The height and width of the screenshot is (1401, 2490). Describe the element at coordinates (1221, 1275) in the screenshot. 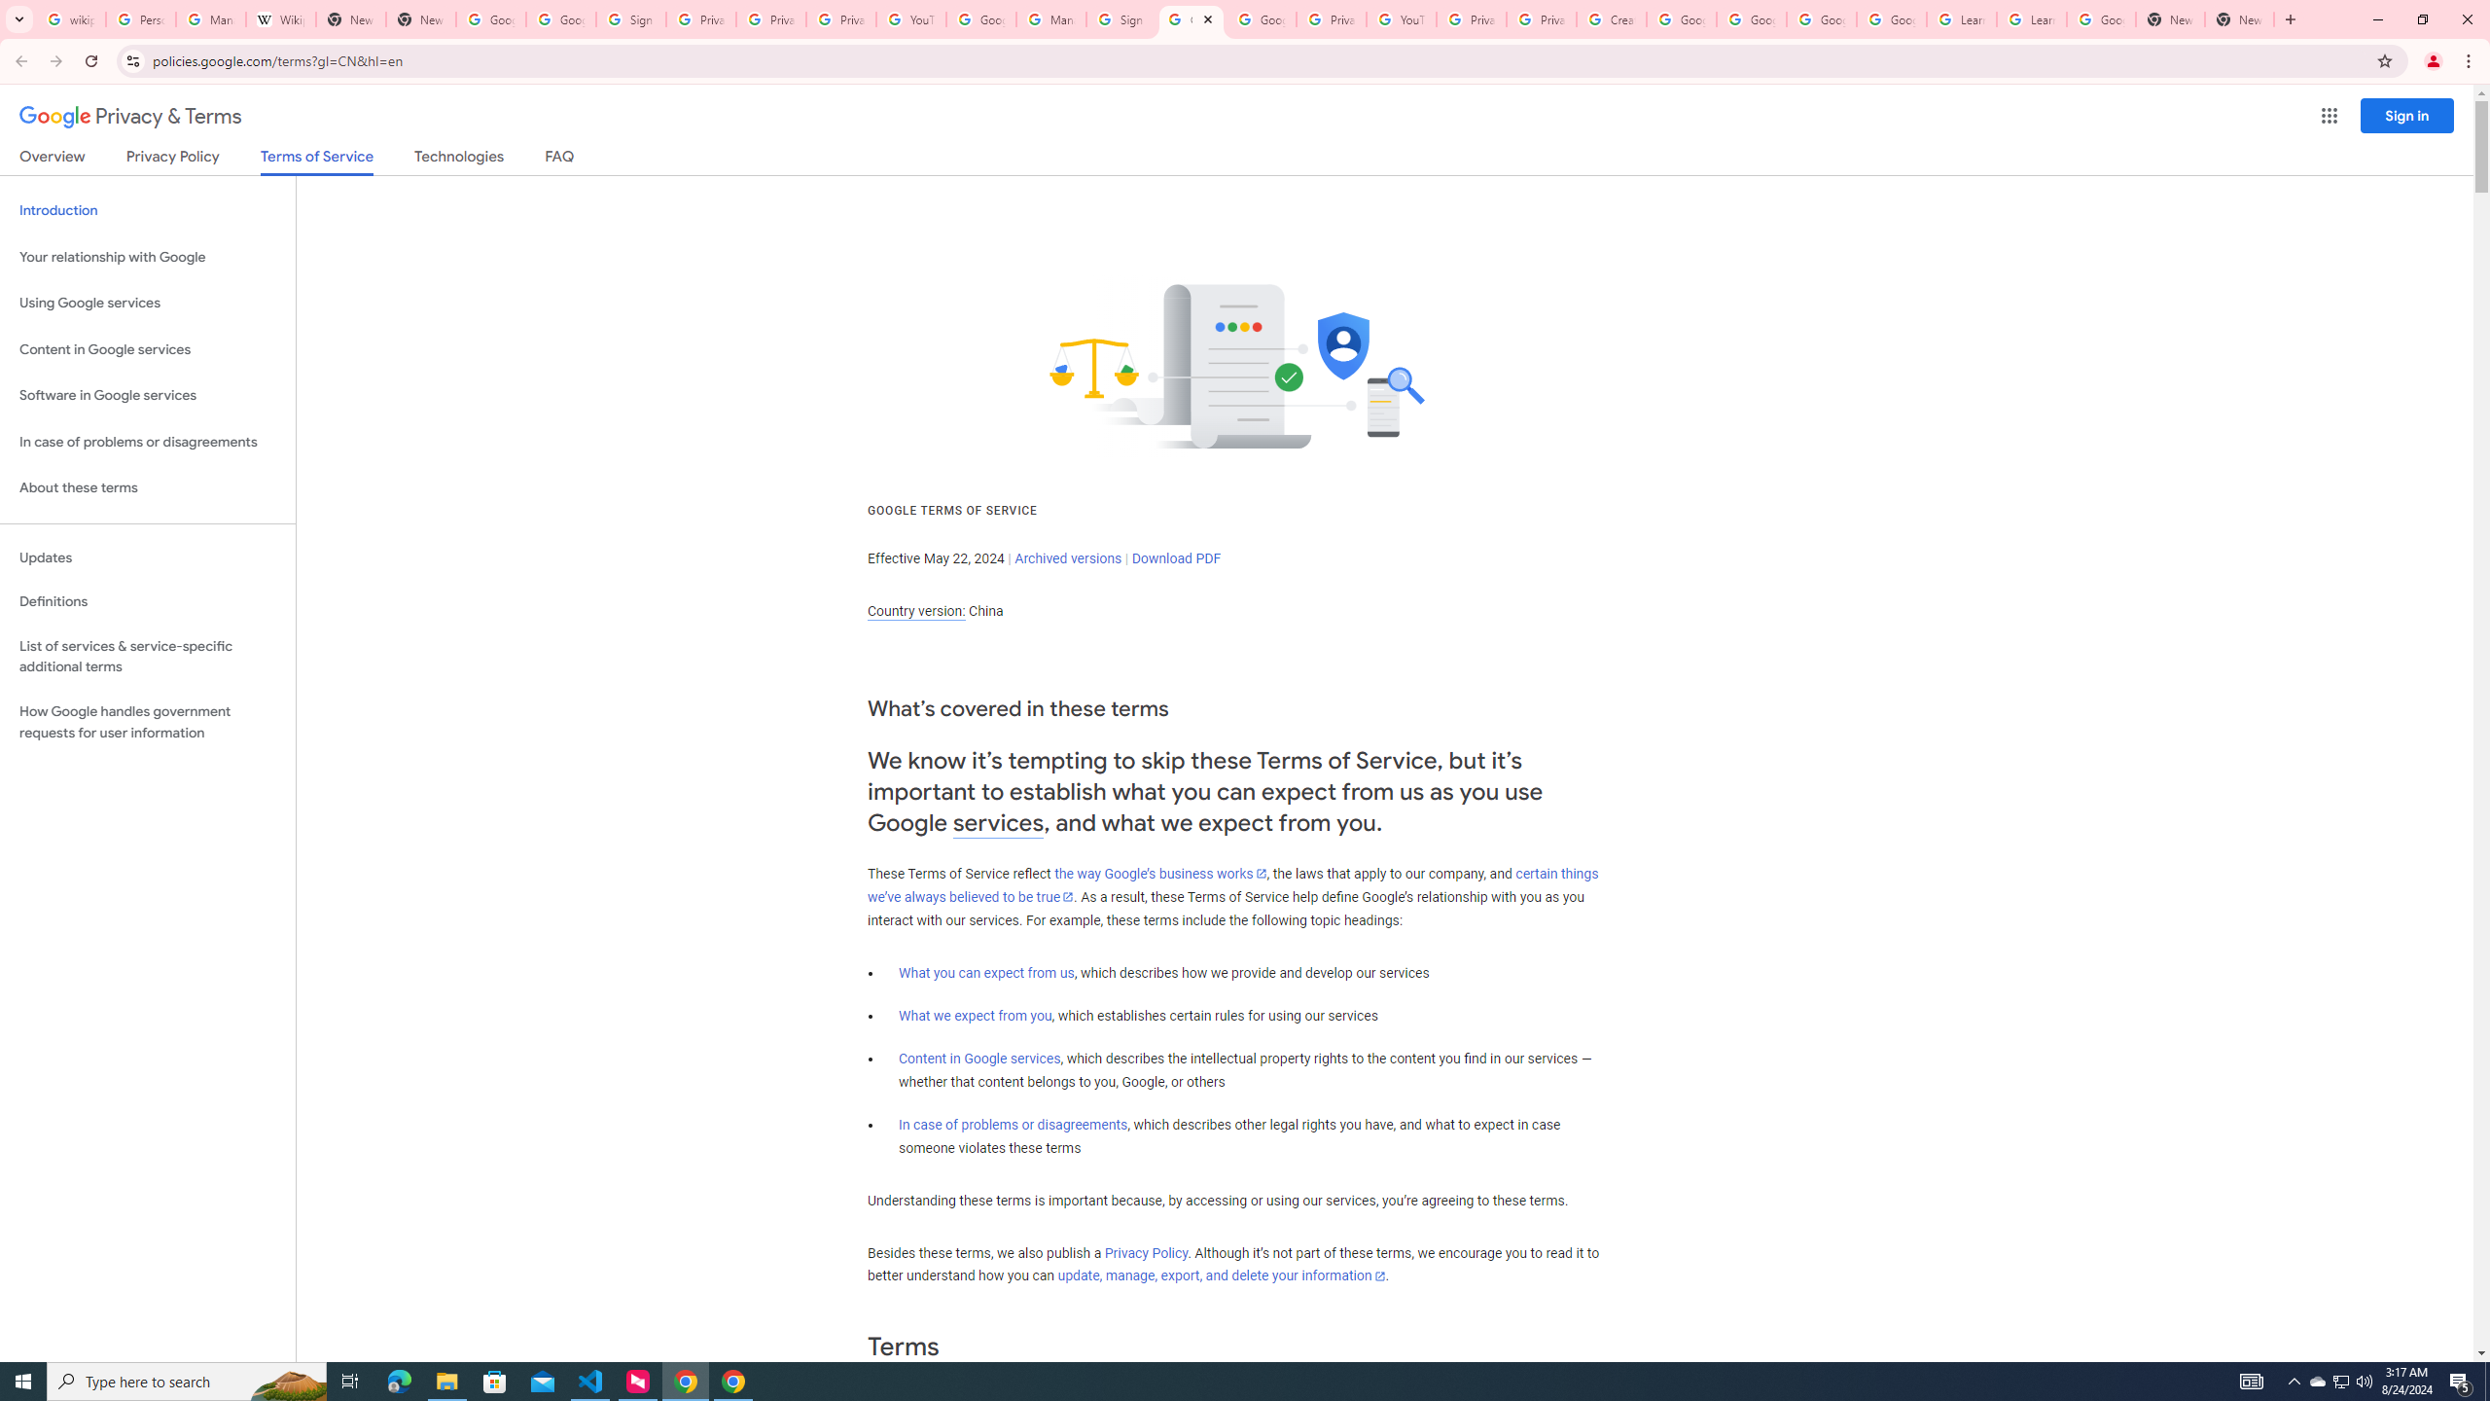

I see `'update, manage, export, and delete your information'` at that location.